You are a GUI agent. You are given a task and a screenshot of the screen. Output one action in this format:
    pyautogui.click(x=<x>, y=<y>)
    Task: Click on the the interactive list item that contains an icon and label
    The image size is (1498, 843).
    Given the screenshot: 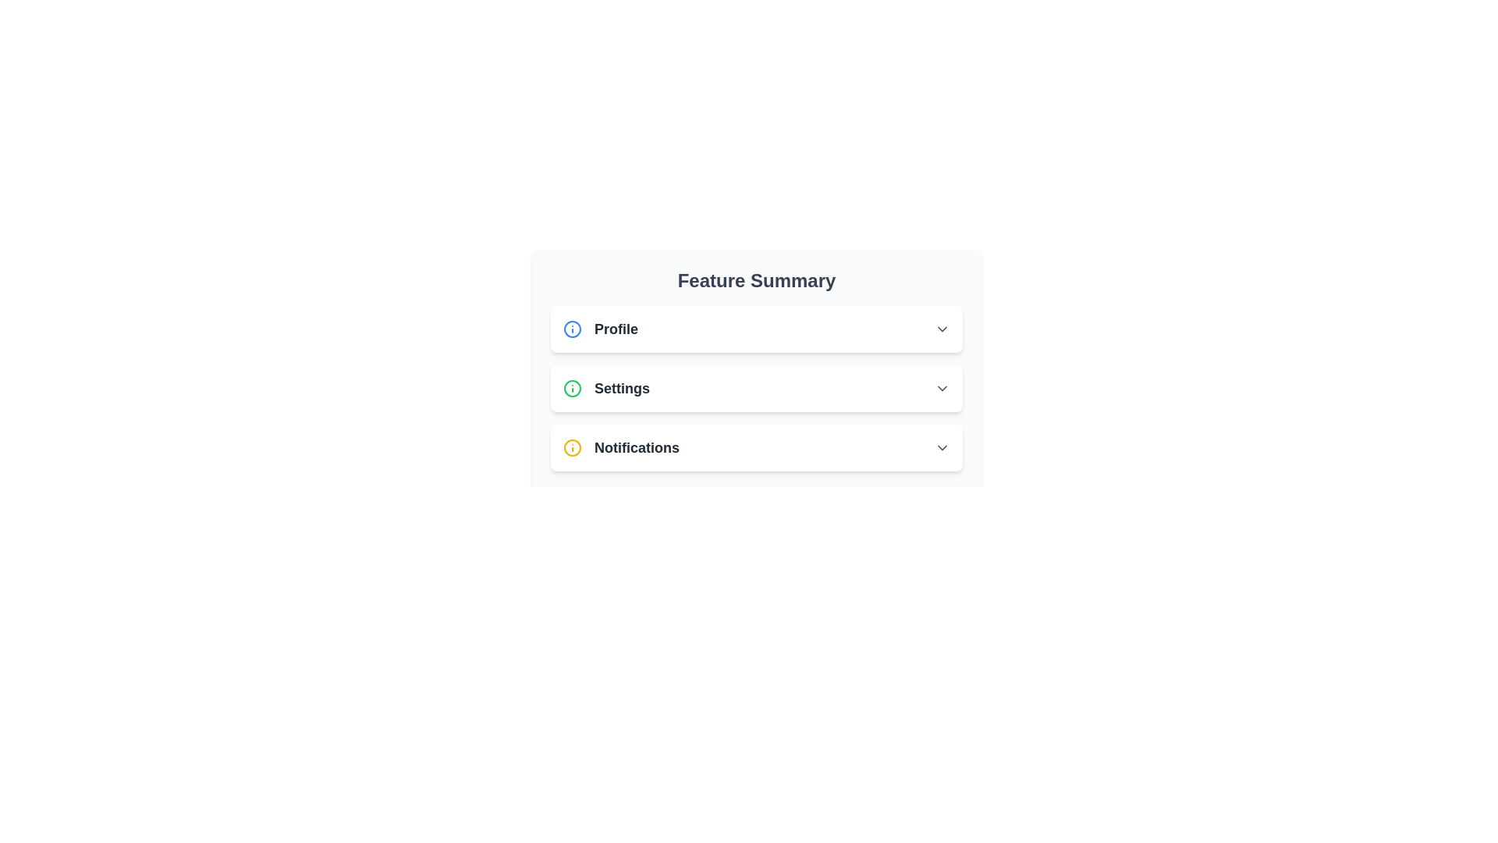 What is the action you would take?
    pyautogui.click(x=605, y=387)
    